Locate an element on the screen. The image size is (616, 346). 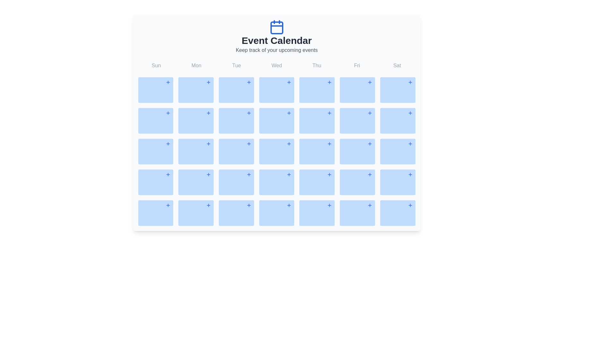
the small, blue plus icon located in the fourth row and fourth column of the calendar interface is located at coordinates (208, 174).